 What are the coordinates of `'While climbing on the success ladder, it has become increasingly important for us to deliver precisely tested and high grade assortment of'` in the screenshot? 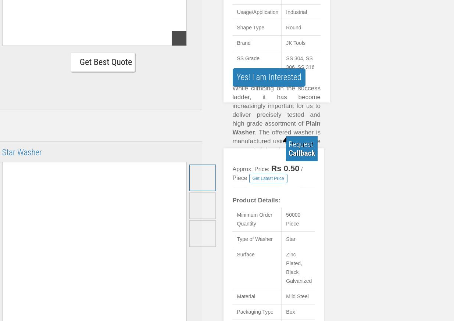 It's located at (276, 106).